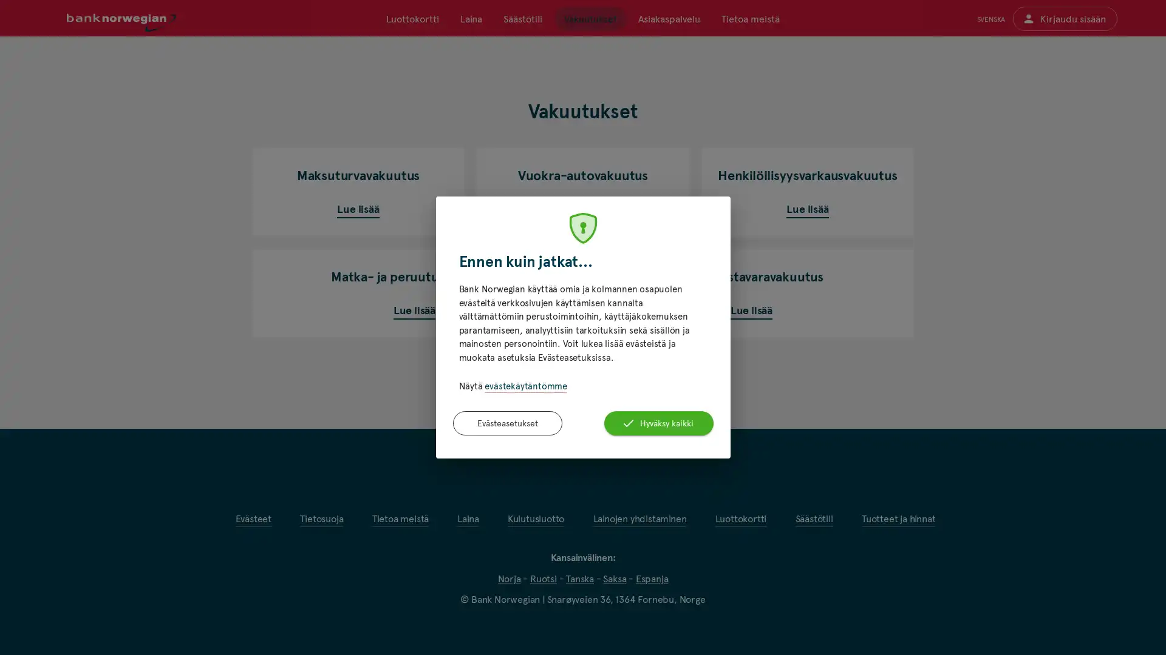 The height and width of the screenshot is (655, 1166). What do you see at coordinates (507, 422) in the screenshot?
I see `Evasteasetukset` at bounding box center [507, 422].